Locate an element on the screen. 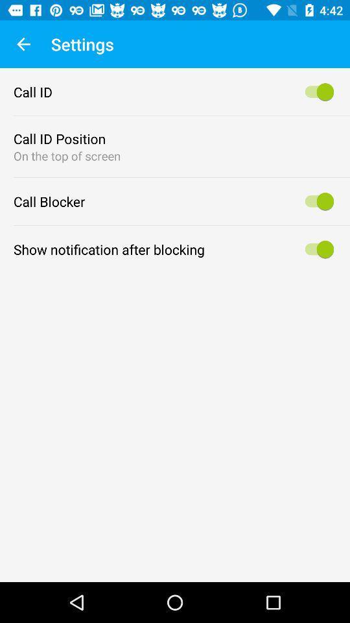  turn on caller id is located at coordinates (316, 91).